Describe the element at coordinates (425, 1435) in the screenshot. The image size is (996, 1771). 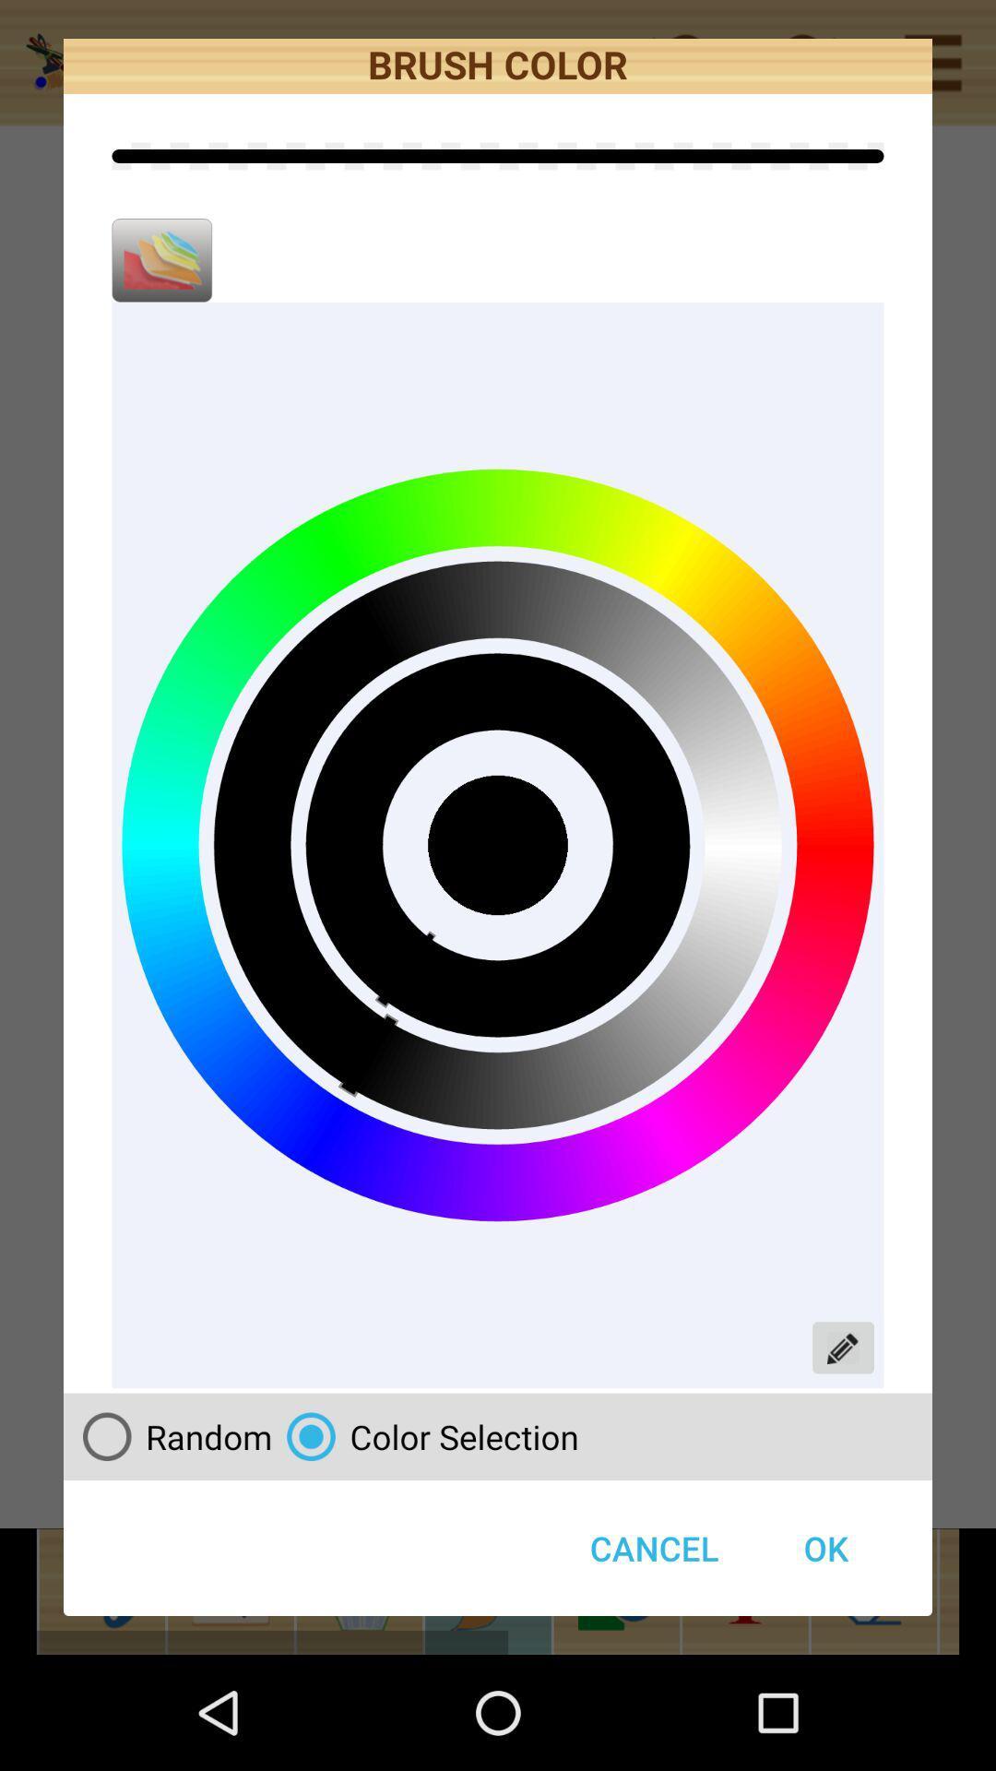
I see `button next to ok` at that location.